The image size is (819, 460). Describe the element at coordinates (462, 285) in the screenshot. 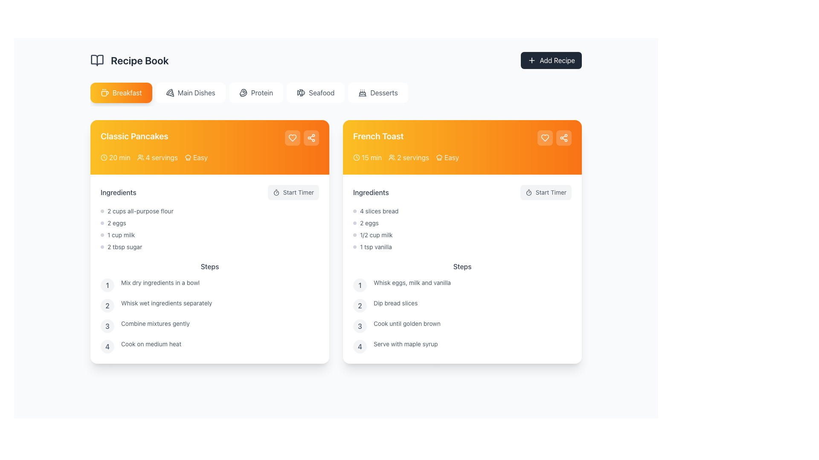

I see `step labeled '1 Whisk eggs, milk and vanilla' which is the first item in the 'Steps' section of the 'French Toast' recipe card` at that location.